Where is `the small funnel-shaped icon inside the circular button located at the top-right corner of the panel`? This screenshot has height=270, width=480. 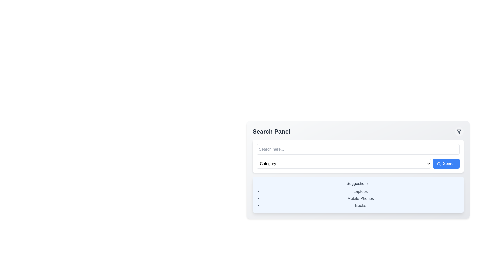
the small funnel-shaped icon inside the circular button located at the top-right corner of the panel is located at coordinates (459, 131).